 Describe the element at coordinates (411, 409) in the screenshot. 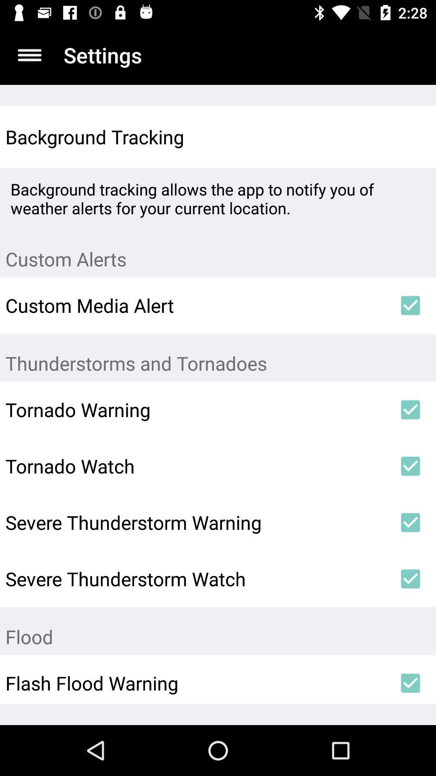

I see `icon to the right of tornado warning item` at that location.